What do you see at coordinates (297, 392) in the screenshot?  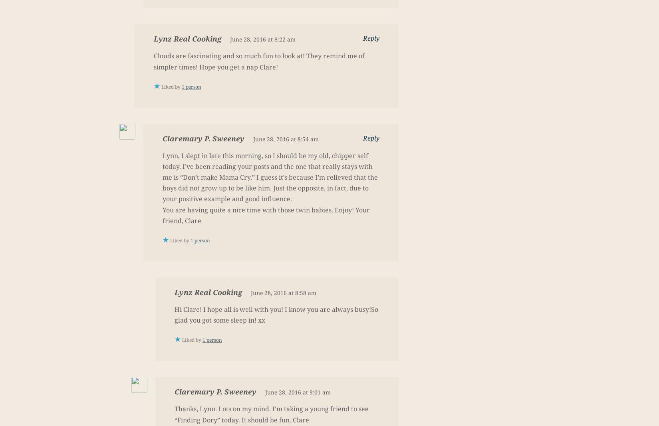 I see `'June 28, 2016 at 9:01 am'` at bounding box center [297, 392].